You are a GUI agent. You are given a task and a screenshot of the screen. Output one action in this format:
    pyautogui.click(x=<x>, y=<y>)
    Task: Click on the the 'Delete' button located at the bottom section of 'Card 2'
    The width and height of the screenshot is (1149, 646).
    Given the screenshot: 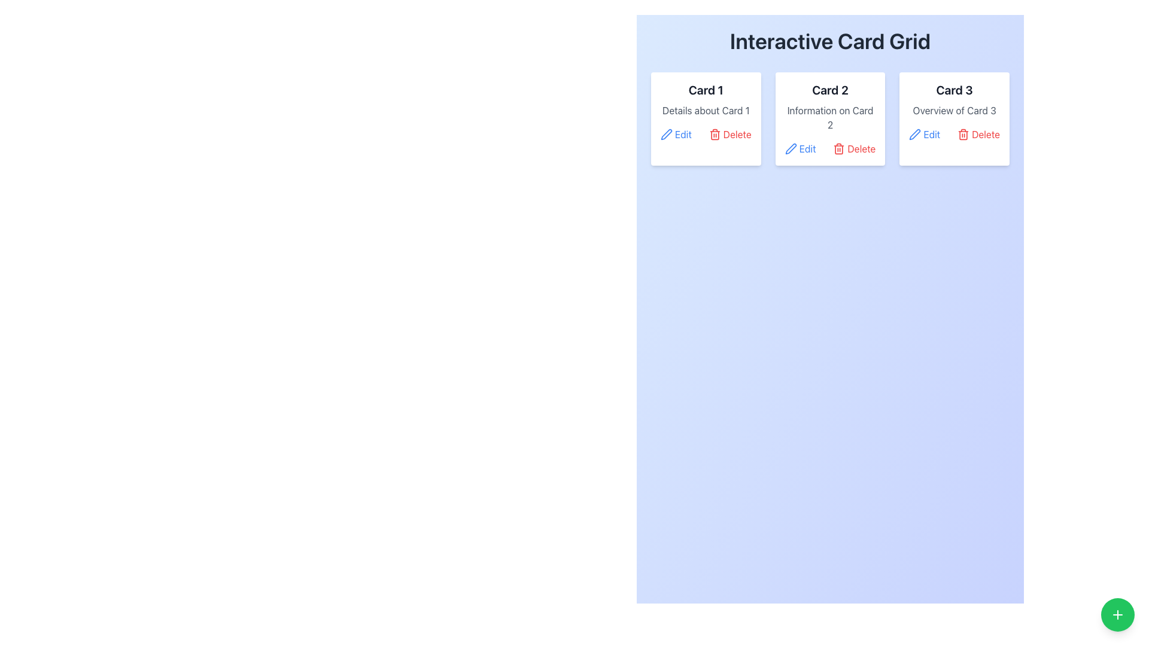 What is the action you would take?
    pyautogui.click(x=829, y=148)
    